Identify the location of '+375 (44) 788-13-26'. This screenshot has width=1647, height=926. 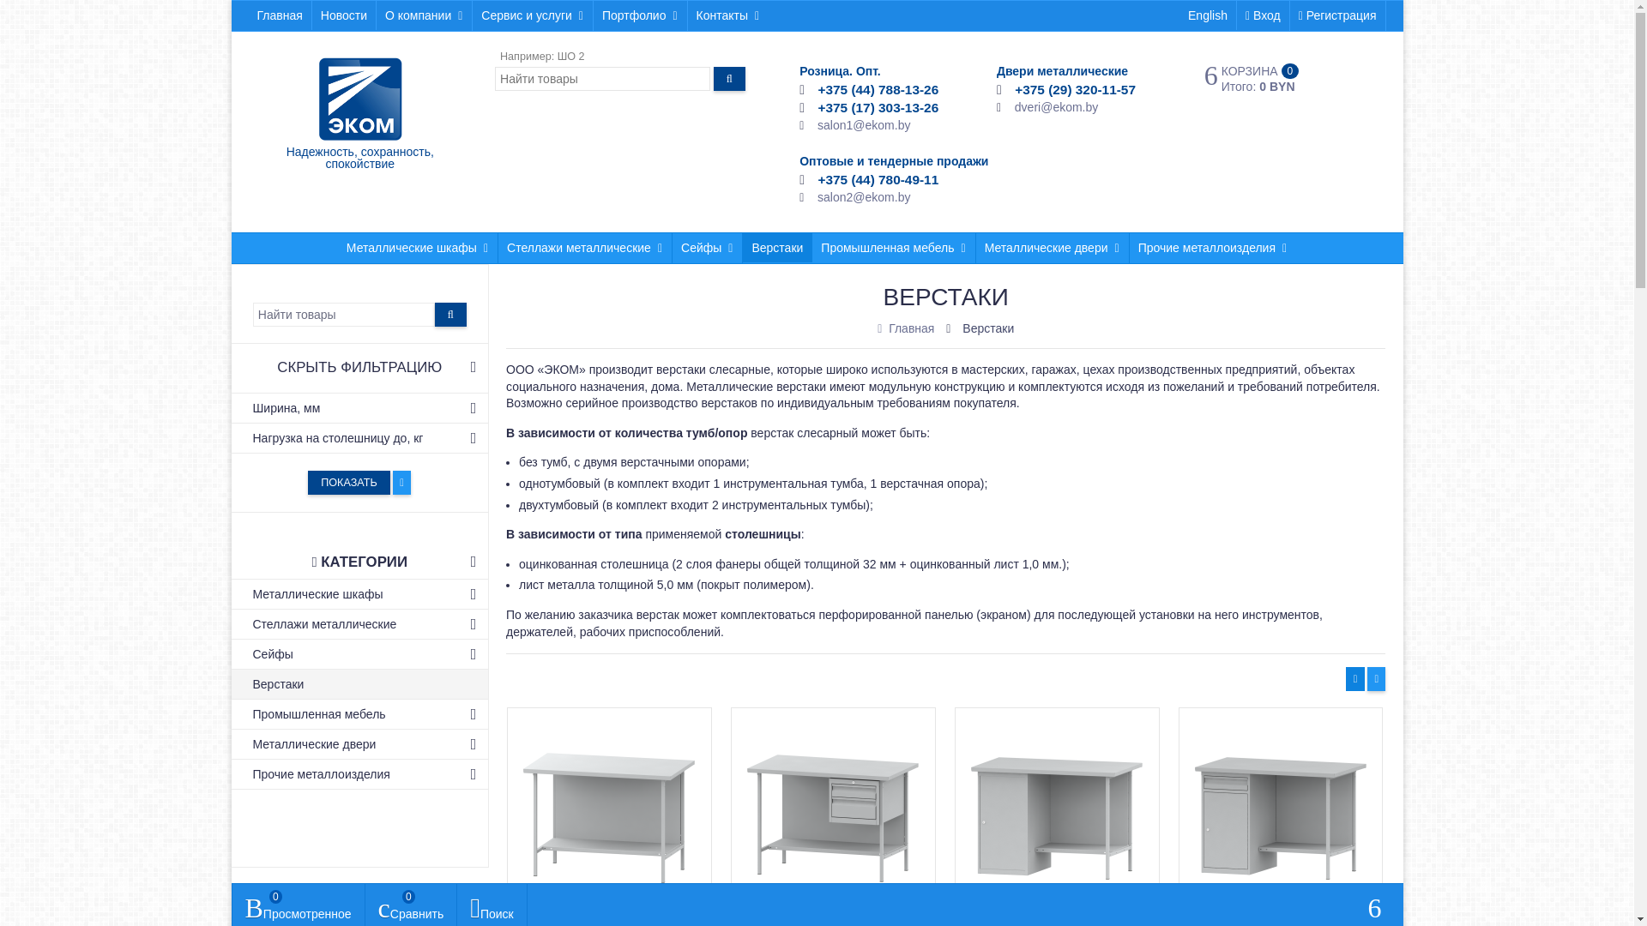
(817, 89).